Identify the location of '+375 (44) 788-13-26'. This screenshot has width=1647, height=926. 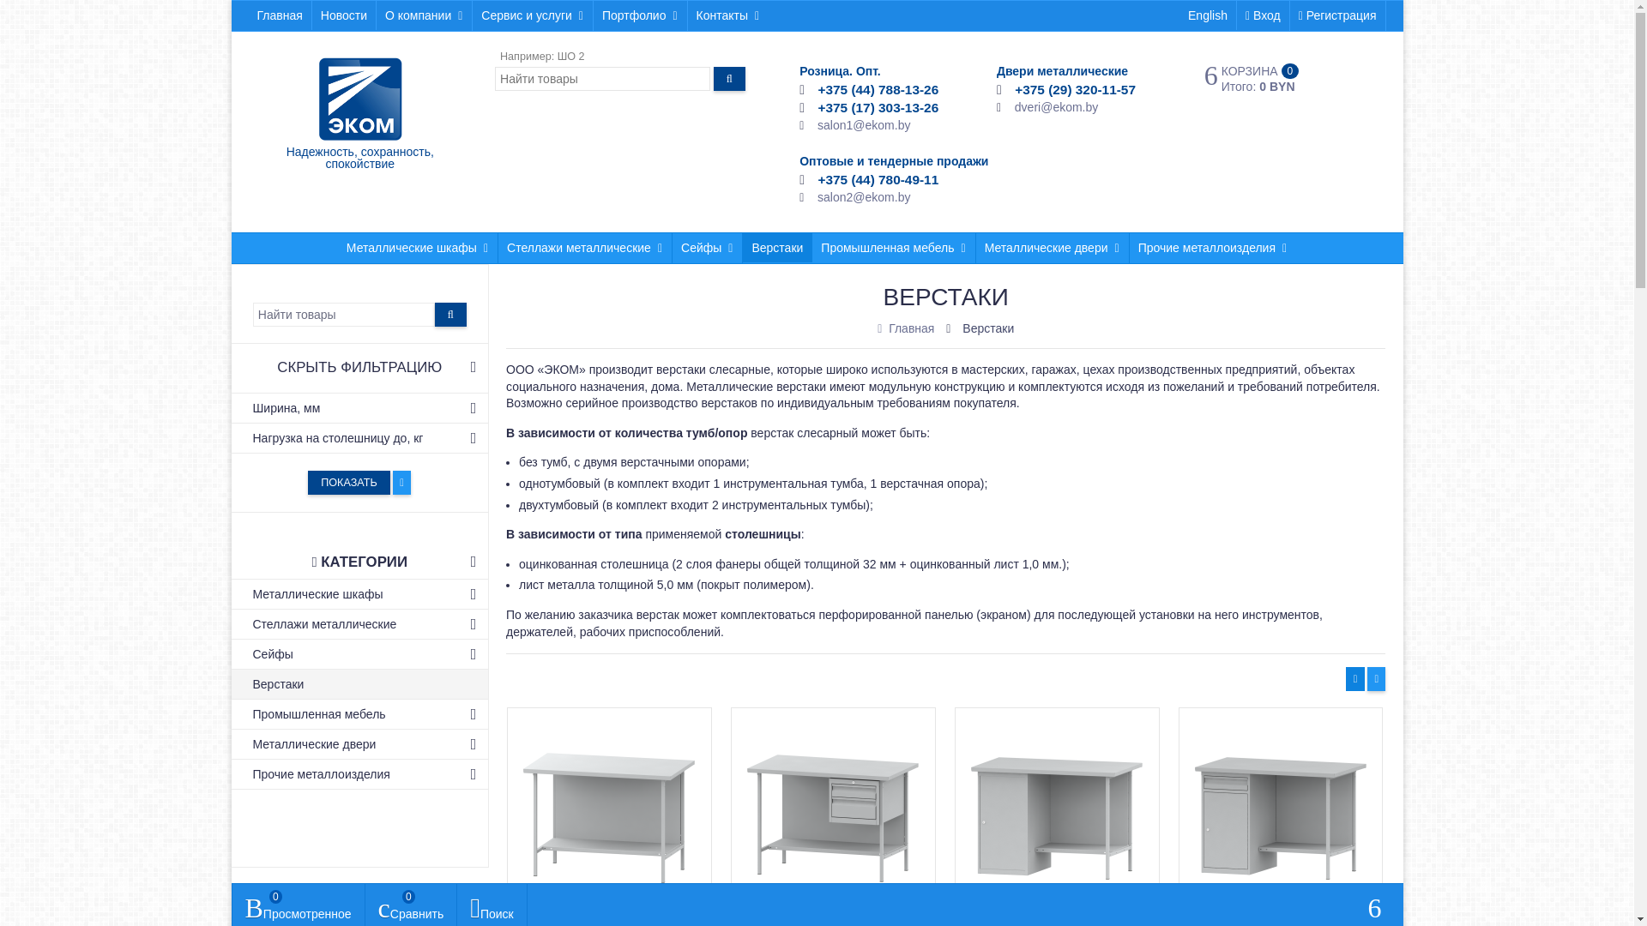
(817, 89).